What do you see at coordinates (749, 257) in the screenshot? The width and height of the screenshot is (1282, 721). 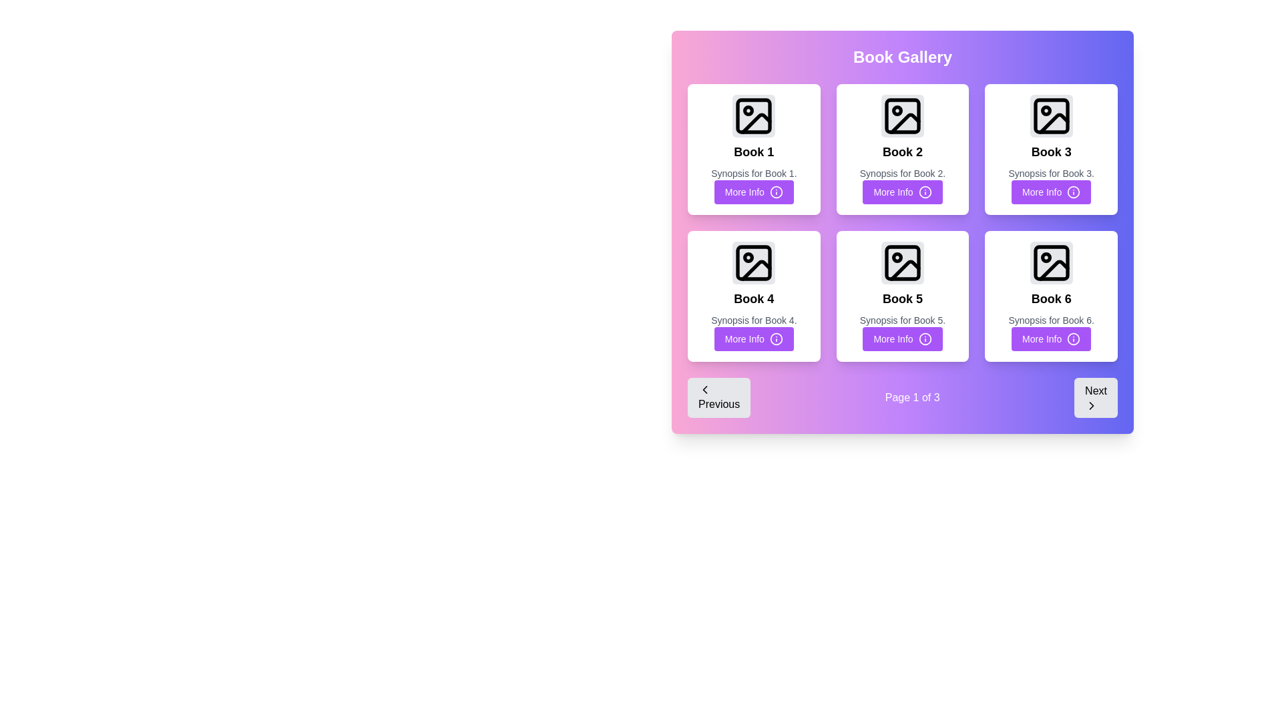 I see `the small circular icon that is part of the SVG image representing 'Book 4' in the second row and first column of the card grid` at bounding box center [749, 257].